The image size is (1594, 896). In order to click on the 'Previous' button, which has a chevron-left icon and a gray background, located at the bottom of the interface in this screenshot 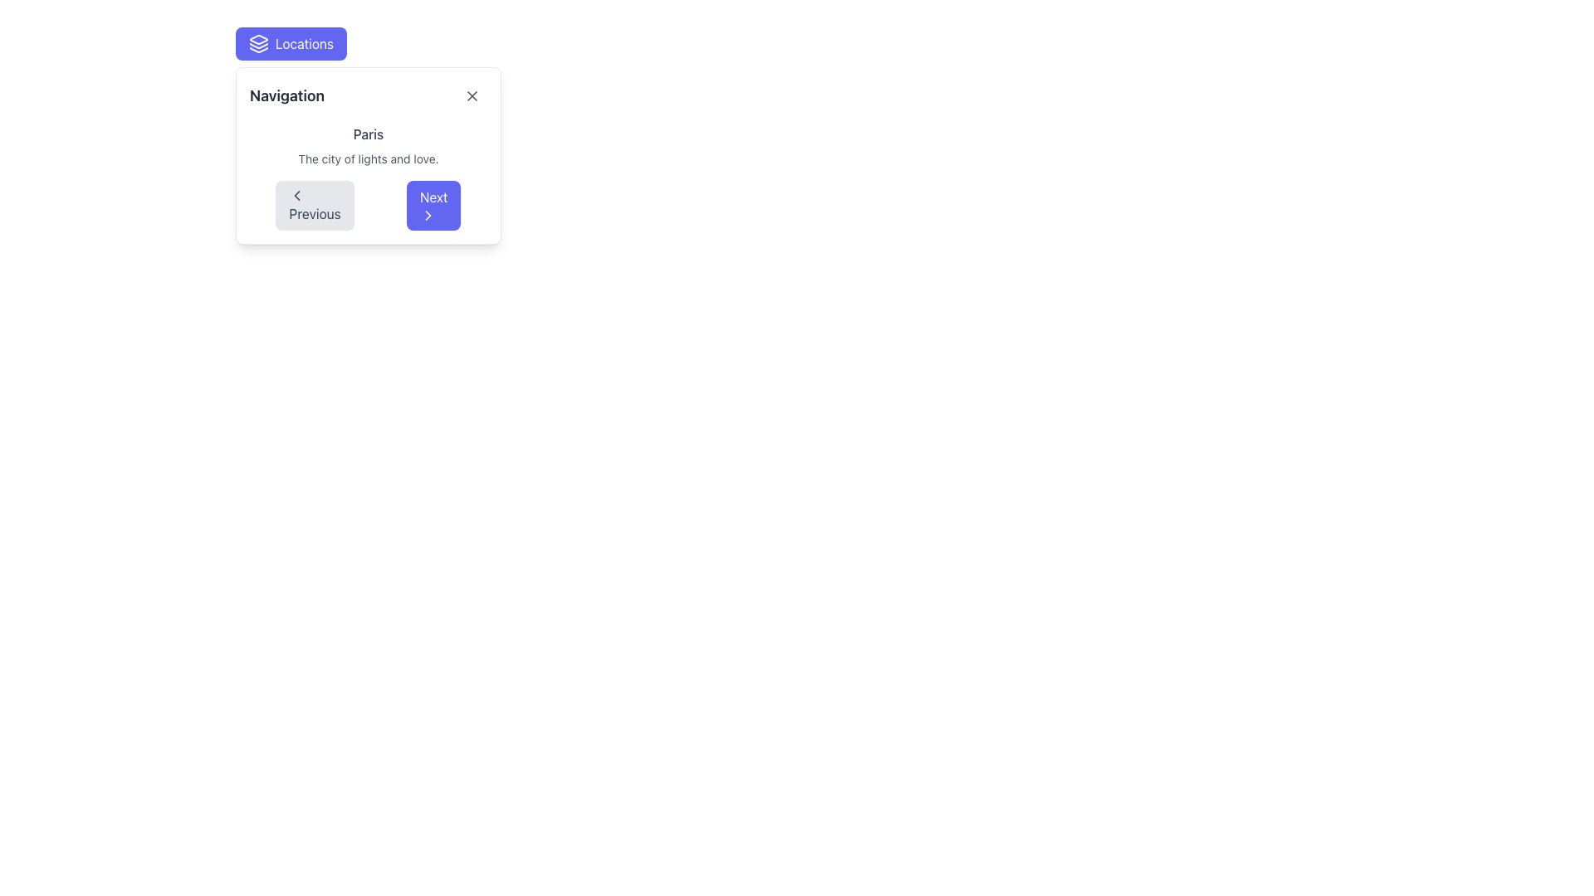, I will do `click(315, 204)`.